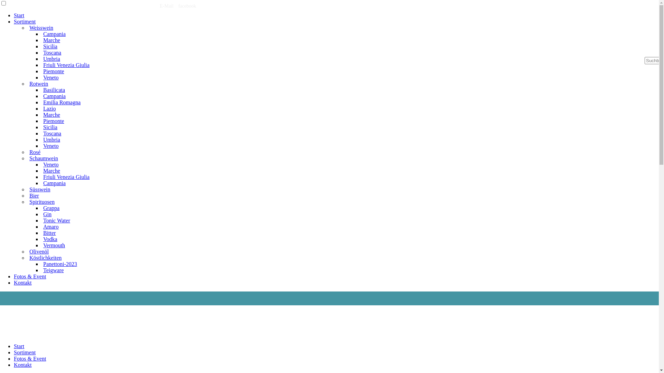 Image resolution: width=664 pixels, height=373 pixels. Describe the element at coordinates (56, 220) in the screenshot. I see `'Tonic Water'` at that location.